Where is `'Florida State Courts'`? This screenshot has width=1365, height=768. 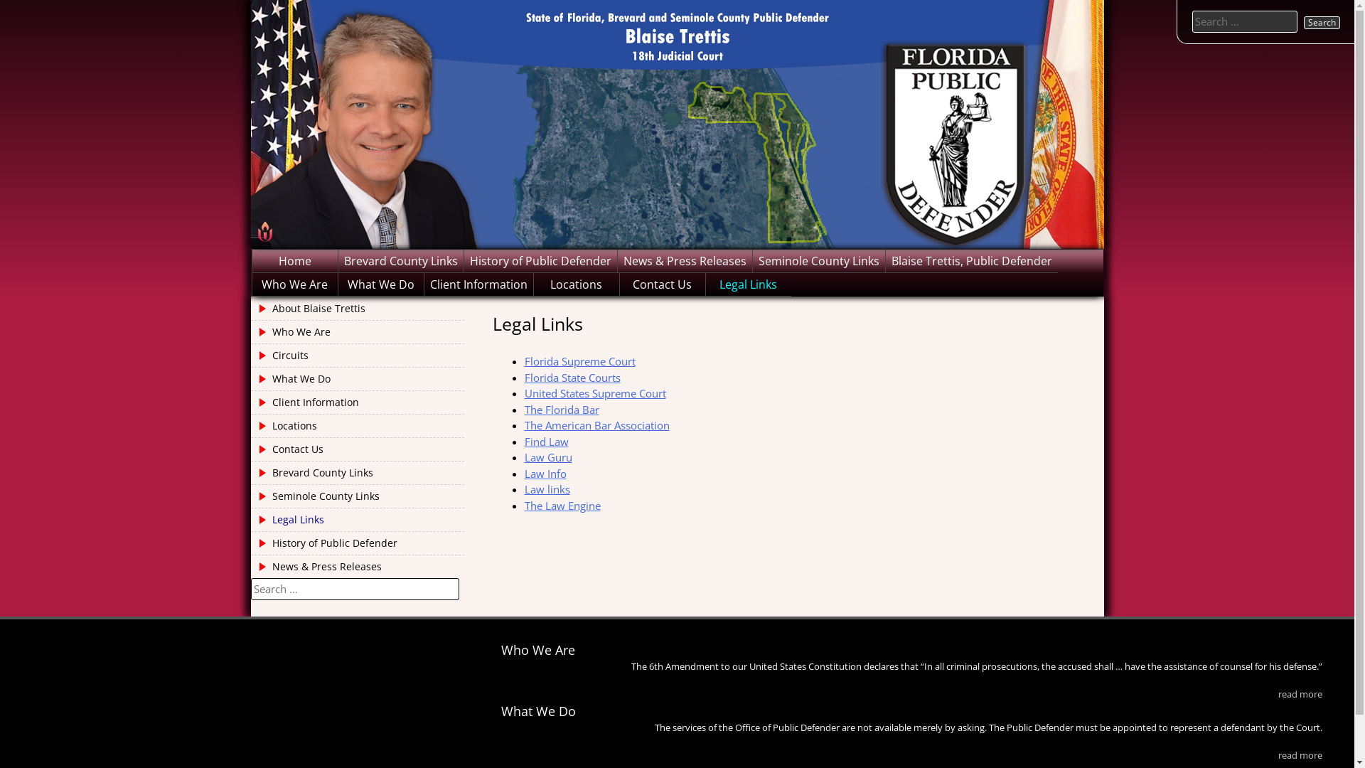 'Florida State Courts' is located at coordinates (572, 375).